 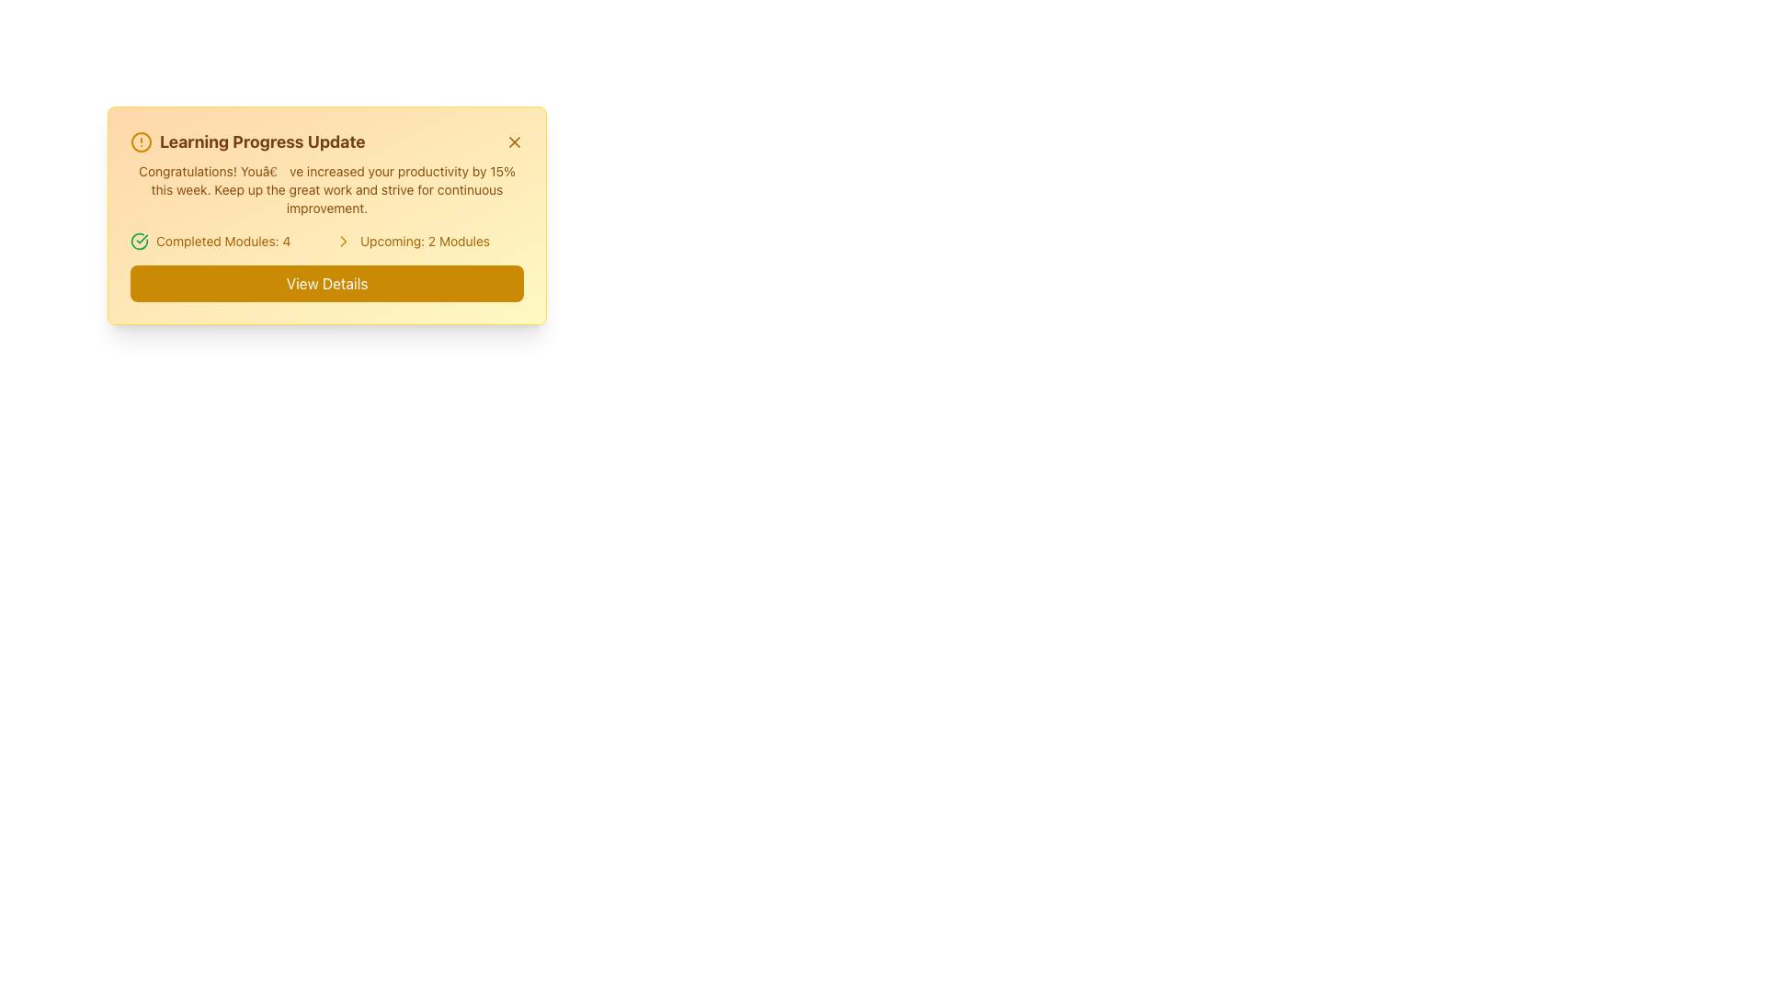 I want to click on circular icon with a yellow border and an exclamation mark located to the left of the 'Learning Progress Update' text in the notification box, so click(x=140, y=141).